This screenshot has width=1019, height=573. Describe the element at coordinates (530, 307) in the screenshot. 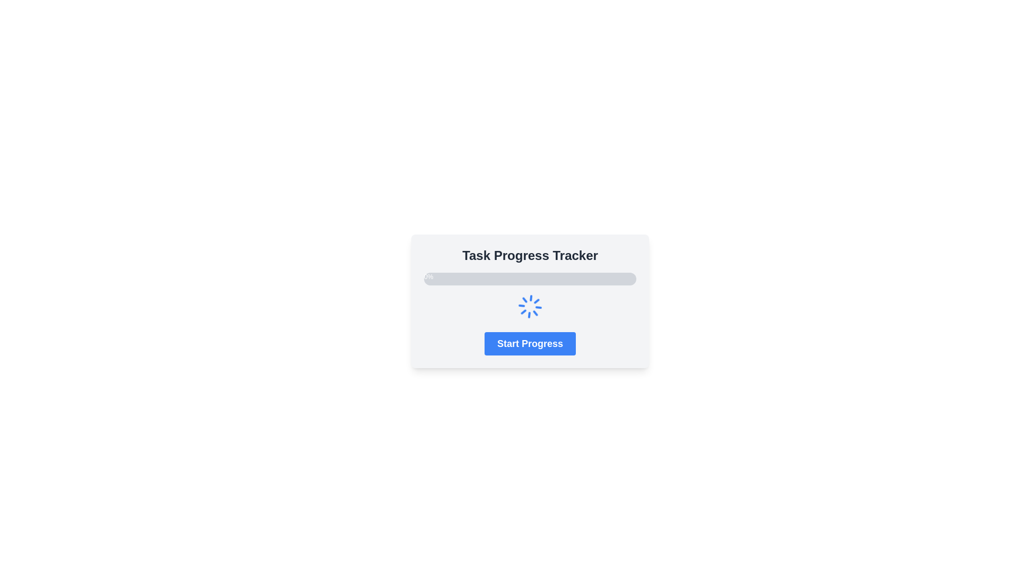

I see `the Loader or Spinner Icon which visually indicates that a process is in progress, located vertically between the progress bar and the 'Start Progress' button` at that location.